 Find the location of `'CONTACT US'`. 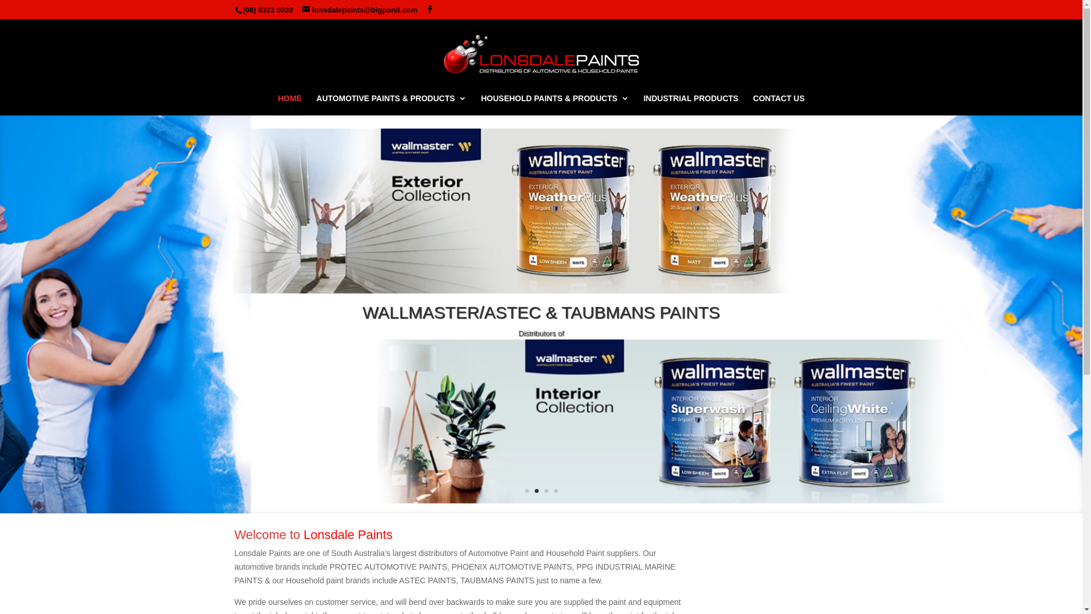

'CONTACT US' is located at coordinates (778, 105).